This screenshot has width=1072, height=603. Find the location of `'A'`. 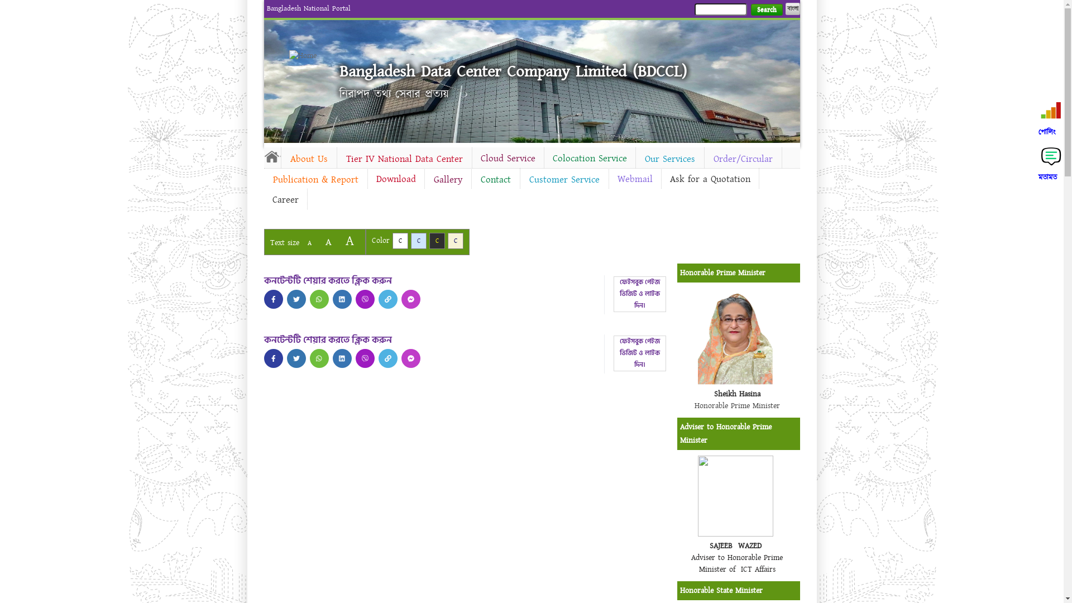

'A' is located at coordinates (339, 240).